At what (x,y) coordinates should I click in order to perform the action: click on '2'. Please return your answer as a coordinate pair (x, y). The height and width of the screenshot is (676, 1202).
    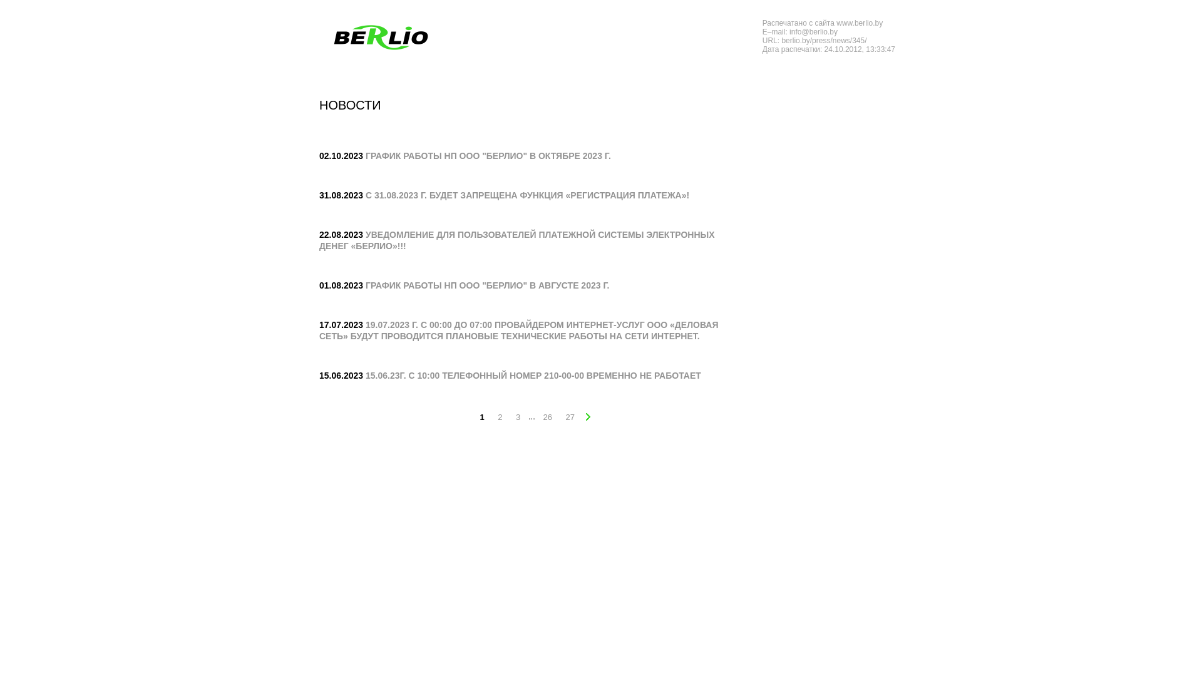
    Looking at the image, I should click on (499, 417).